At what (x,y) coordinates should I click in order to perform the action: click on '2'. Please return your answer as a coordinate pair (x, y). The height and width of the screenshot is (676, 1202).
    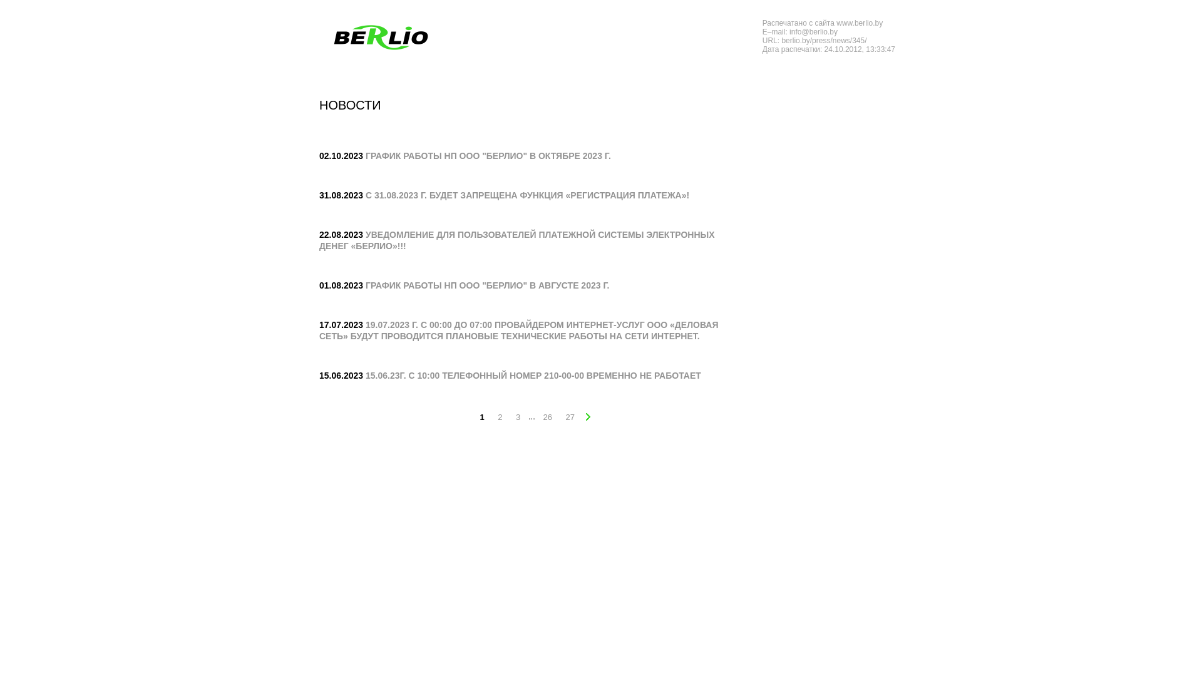
    Looking at the image, I should click on (499, 417).